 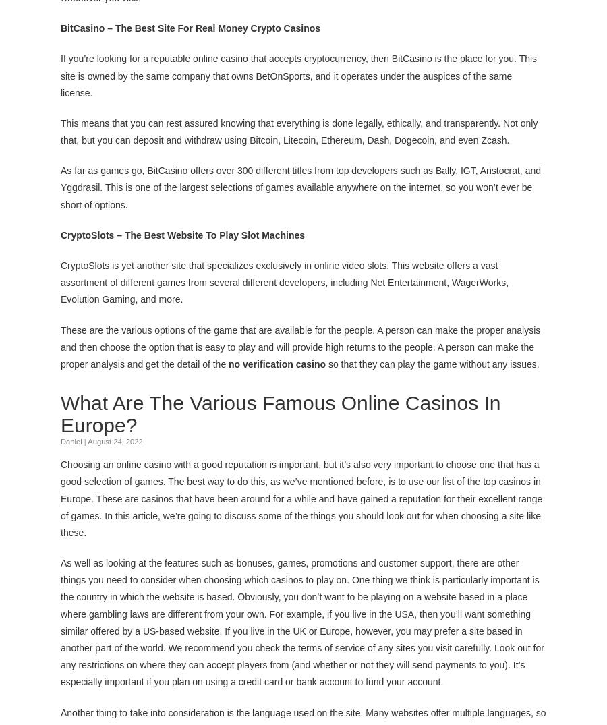 I want to click on 'BitCasino – The Best Site For Real Money Crypto Casinos', so click(x=191, y=26).